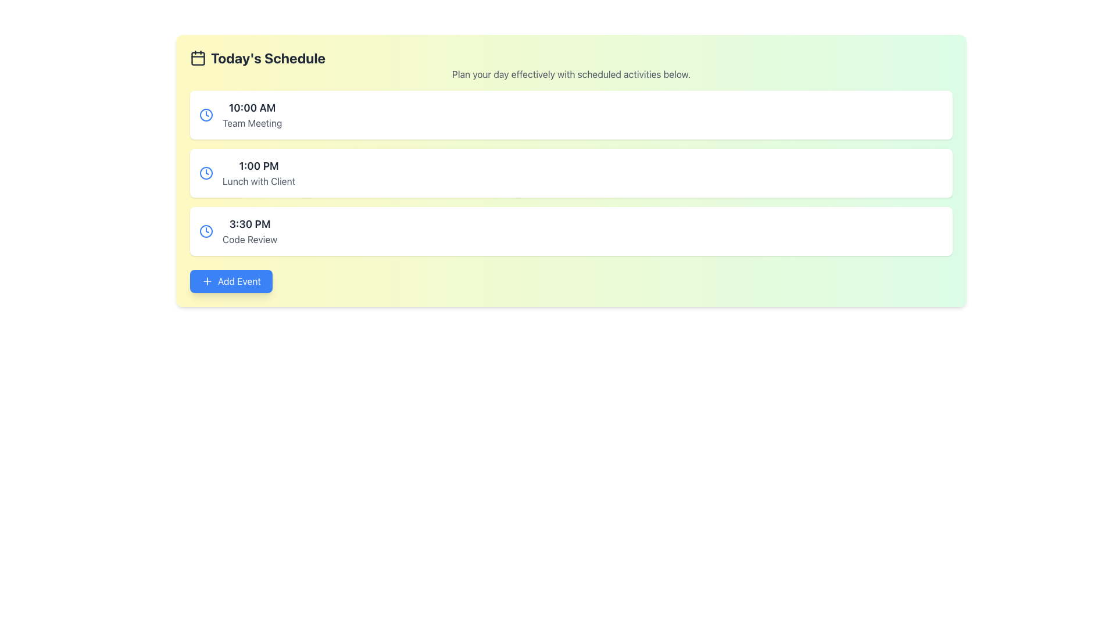 This screenshot has width=1116, height=628. Describe the element at coordinates (206, 115) in the screenshot. I see `the small circular clock icon with a blue outline and white center, positioned to the left of the '10:00 AM' text in the schedule list` at that location.